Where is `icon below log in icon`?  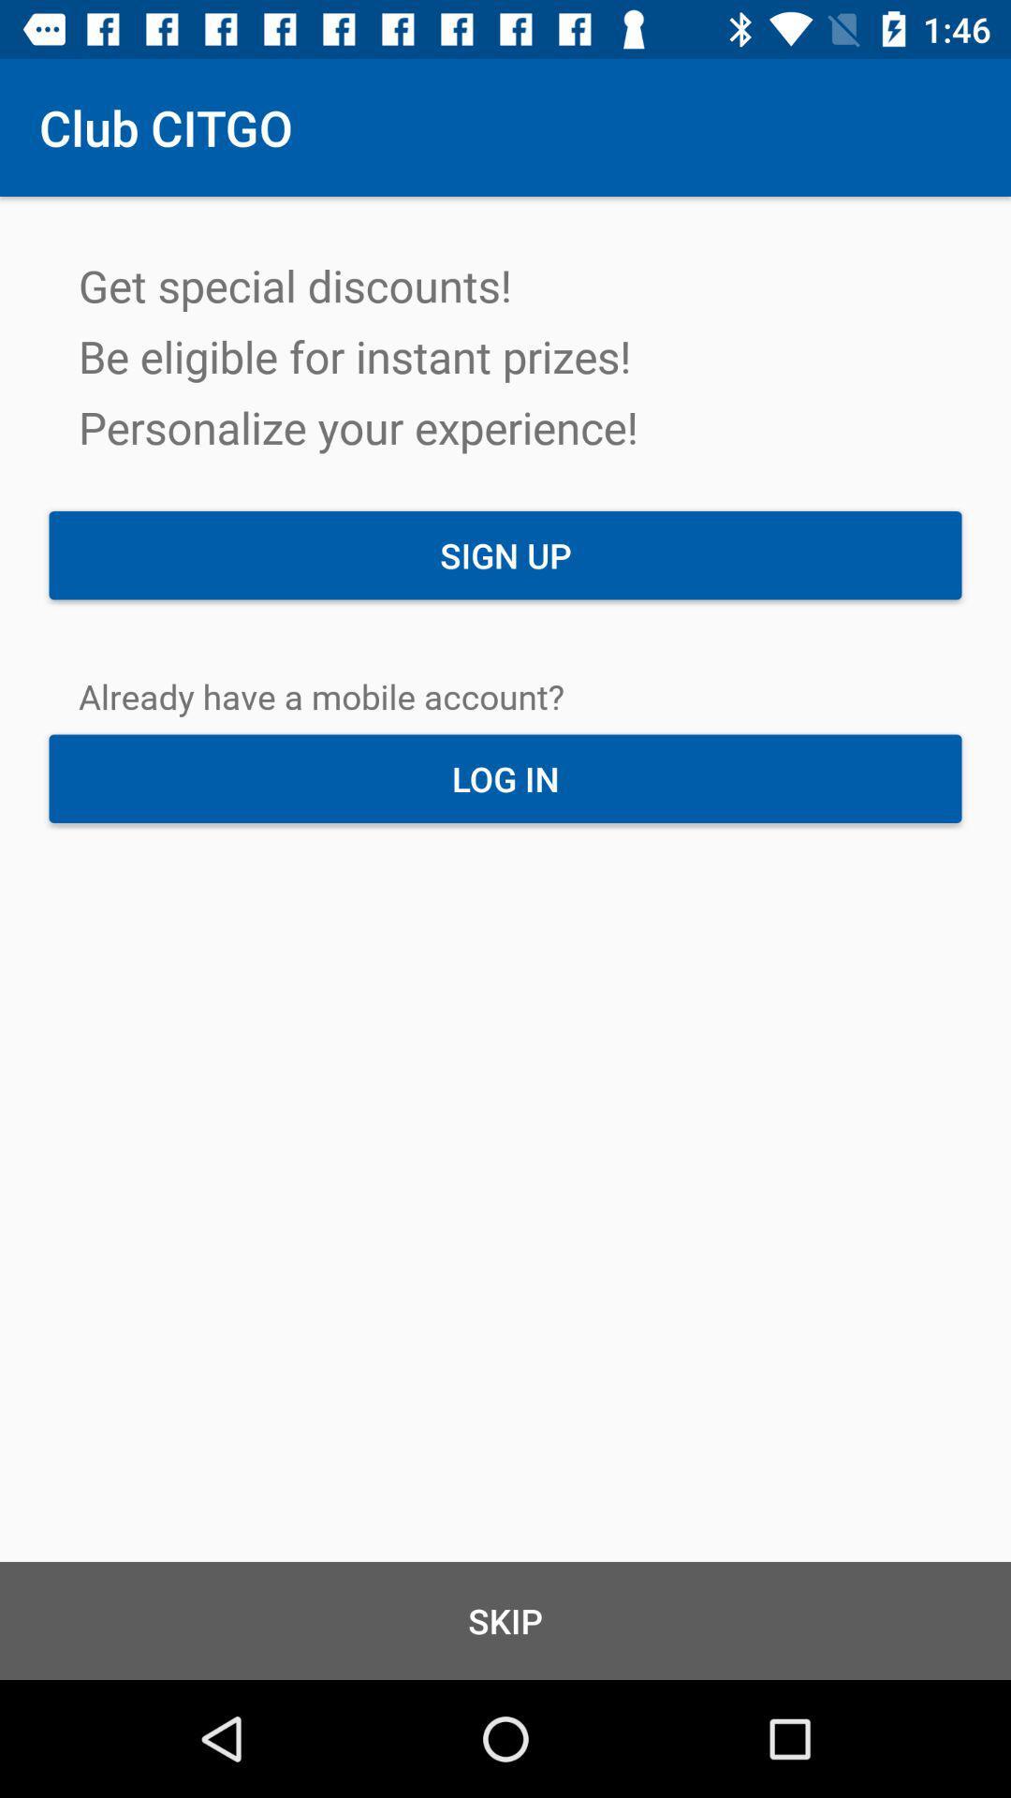
icon below log in icon is located at coordinates (505, 1620).